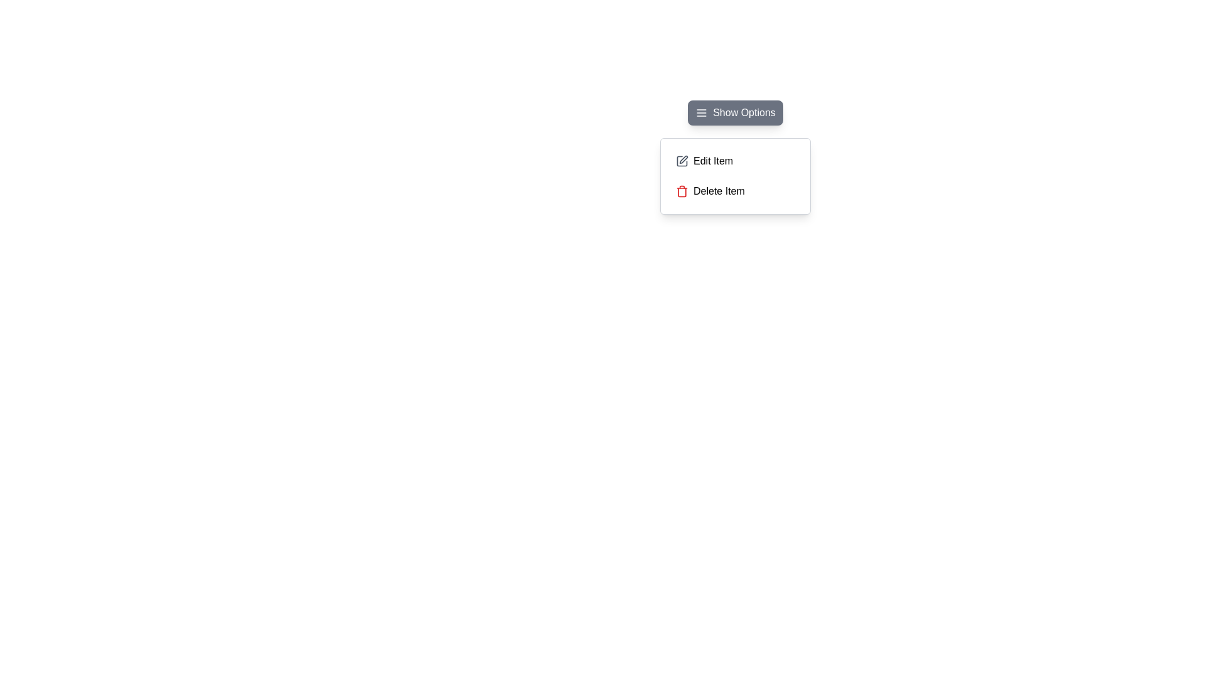 This screenshot has height=678, width=1205. Describe the element at coordinates (735, 161) in the screenshot. I see `the edit button located directly above the 'Delete Item' option in the dropdown menu to initiate the edit action` at that location.